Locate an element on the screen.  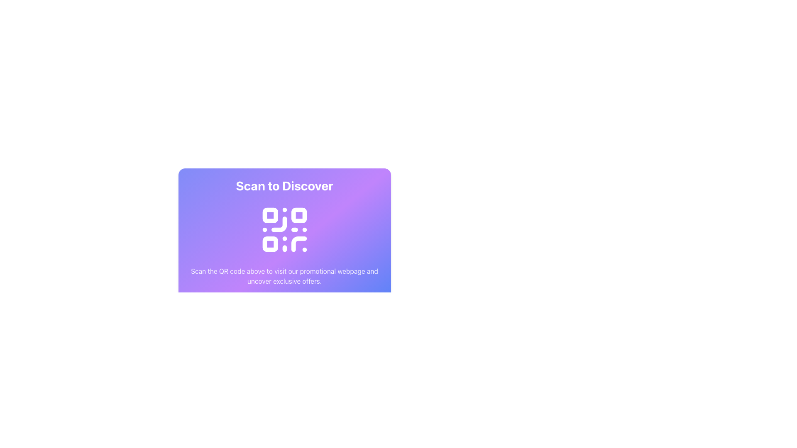
the central Informational Section that contains the QR code for promotional offers to enable interaction is located at coordinates (284, 232).